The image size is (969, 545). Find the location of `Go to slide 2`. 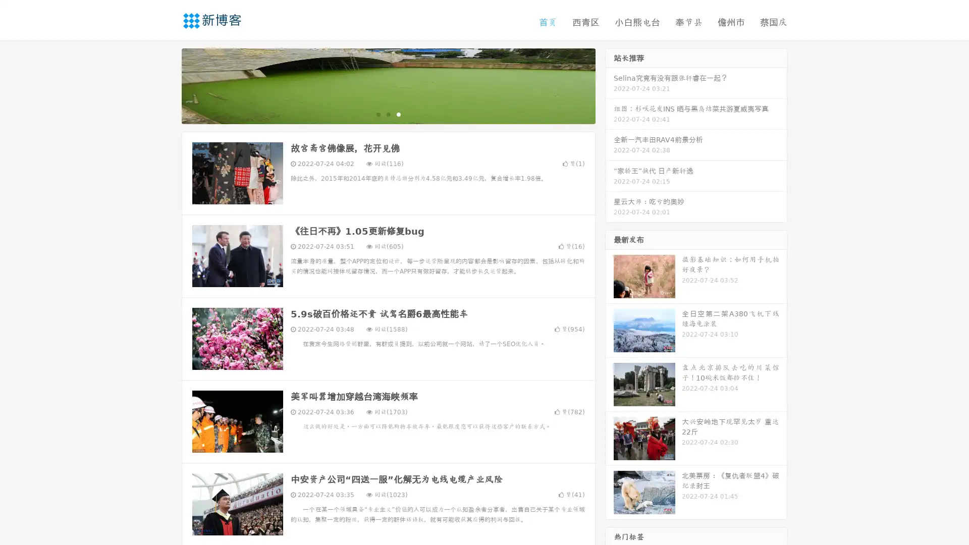

Go to slide 2 is located at coordinates (388, 114).